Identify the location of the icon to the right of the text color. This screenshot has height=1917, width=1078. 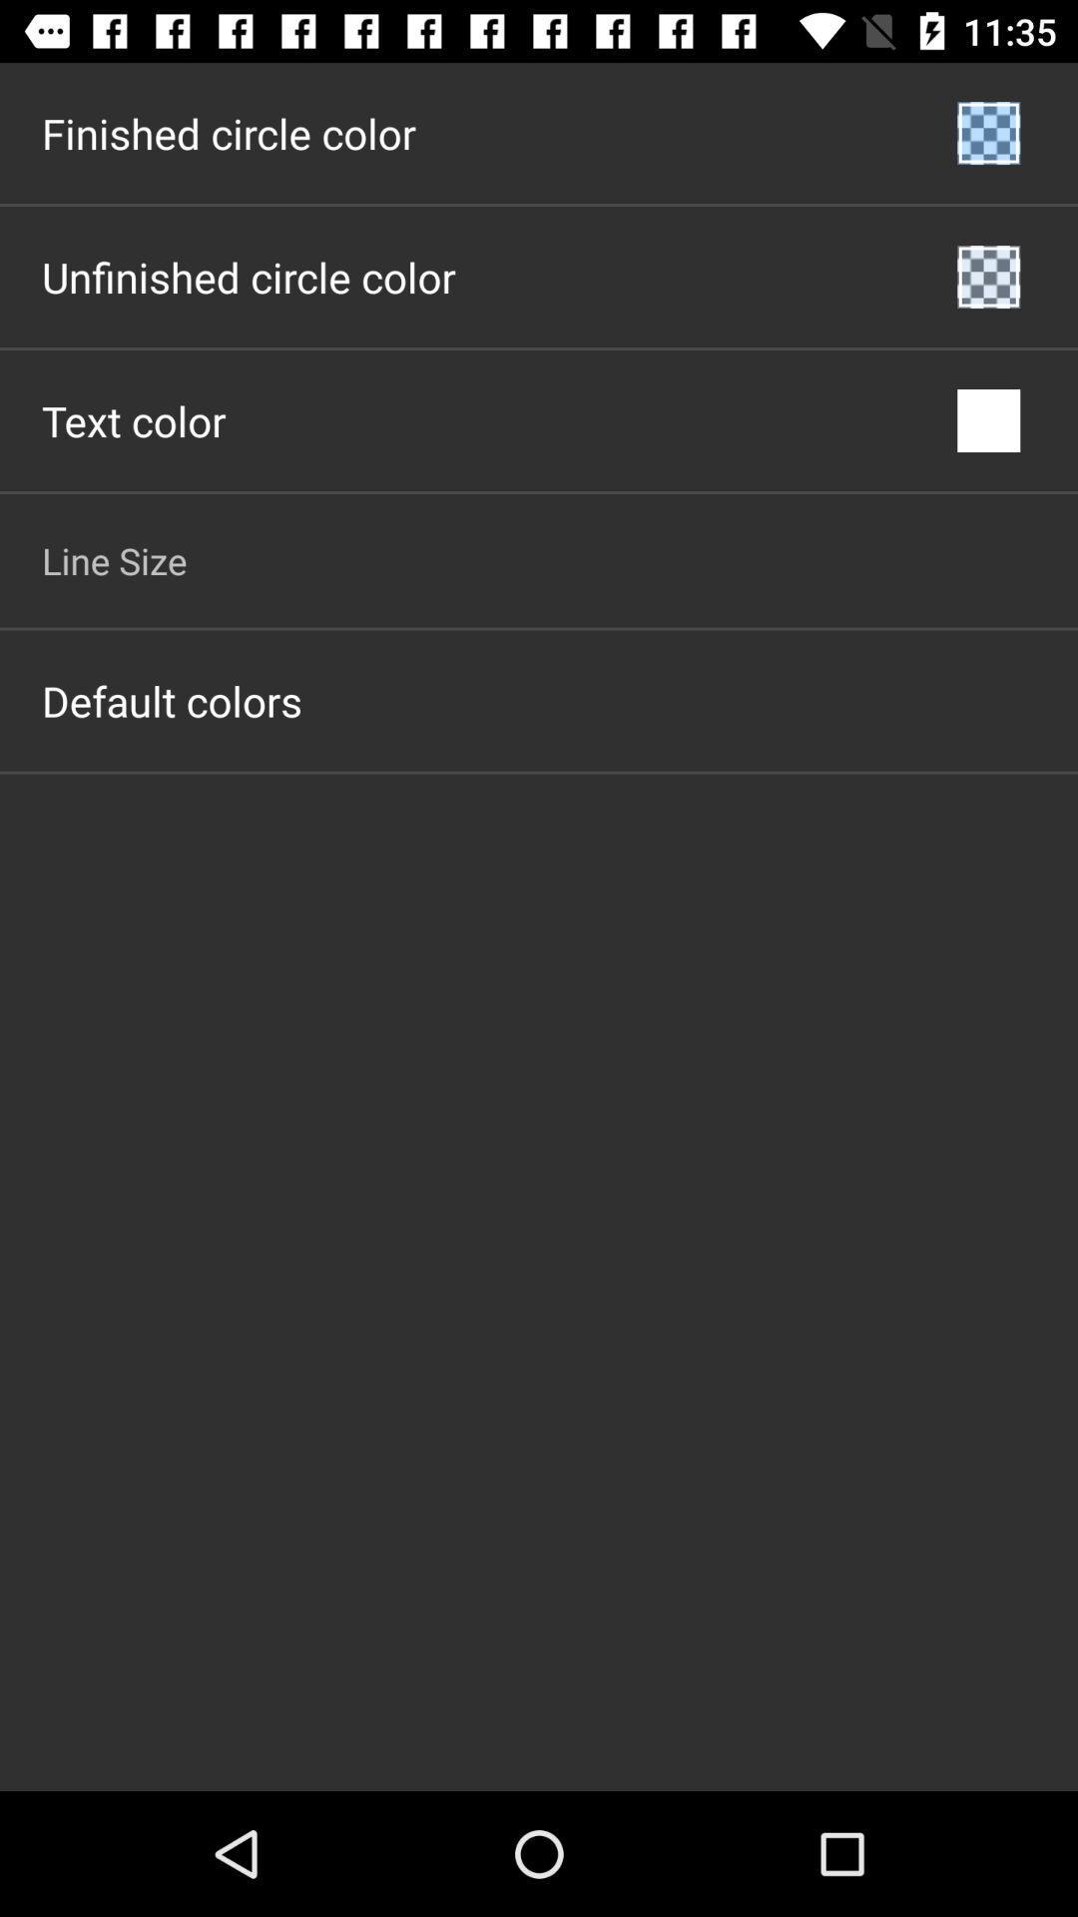
(988, 419).